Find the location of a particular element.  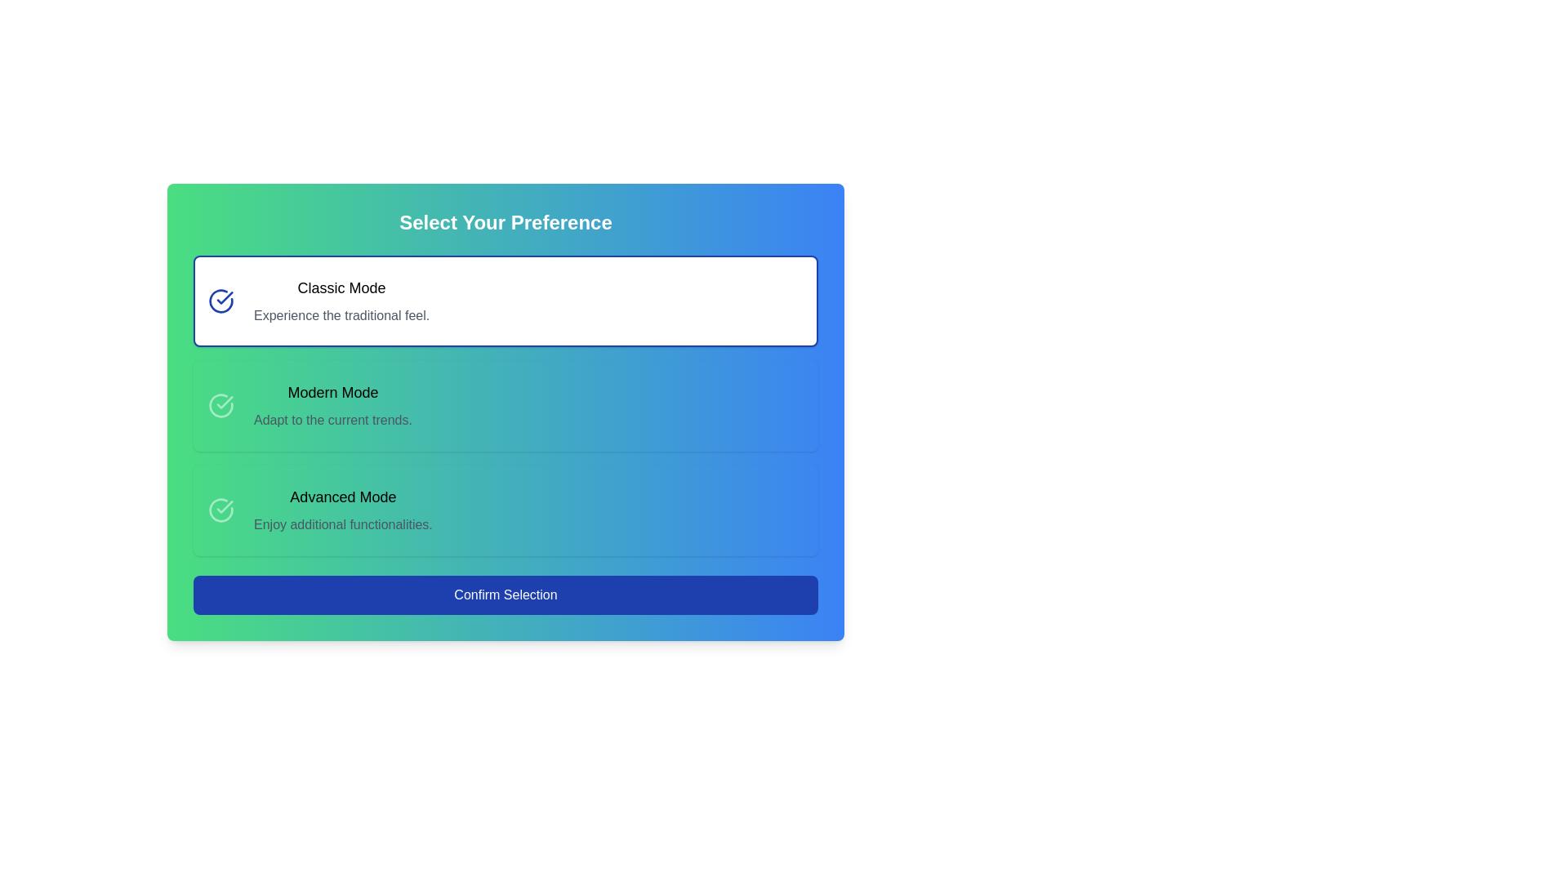

representation of the checkmark in the SVG component located in the light green box associated with the 'Advanced Mode' option is located at coordinates (224, 403).